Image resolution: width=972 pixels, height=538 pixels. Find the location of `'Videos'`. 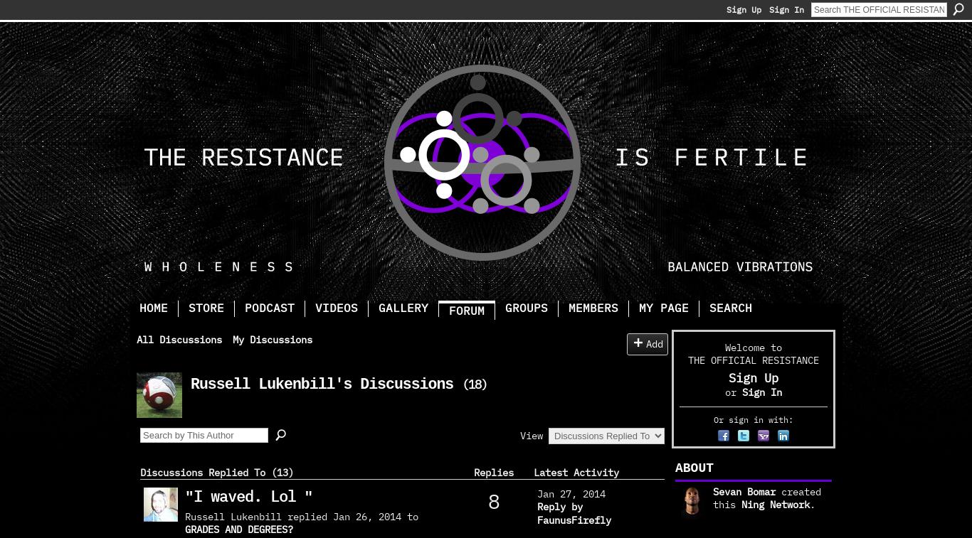

'Videos' is located at coordinates (337, 307).